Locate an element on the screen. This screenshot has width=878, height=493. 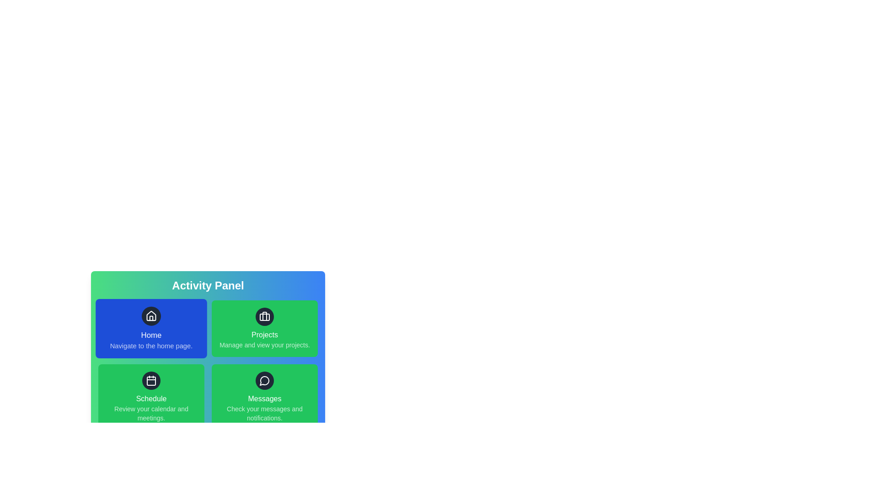
the Projects item in the Activity Panel is located at coordinates (264, 329).